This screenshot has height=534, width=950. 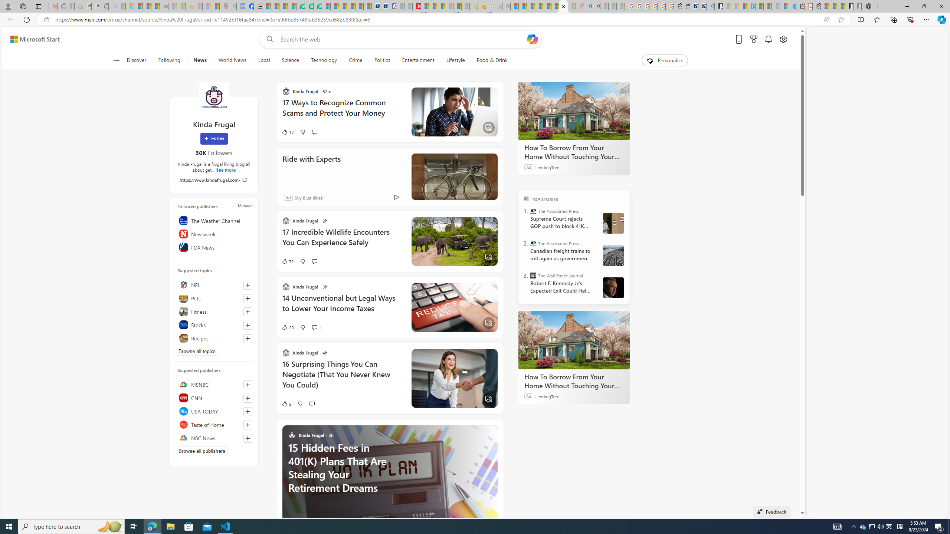 What do you see at coordinates (506, 6) in the screenshot?
I see `'DITOGAMES AG Imprint - Sleeping'` at bounding box center [506, 6].